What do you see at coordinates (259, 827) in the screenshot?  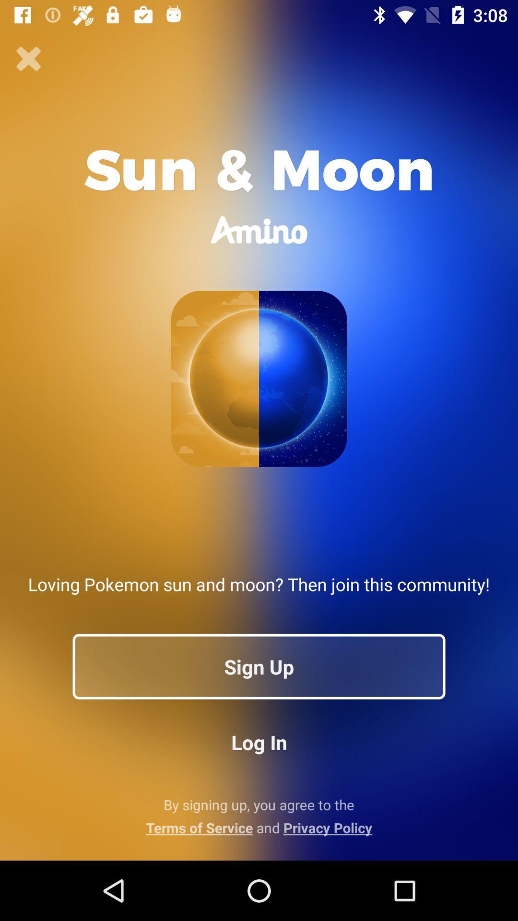 I see `the app below the by signing up icon` at bounding box center [259, 827].